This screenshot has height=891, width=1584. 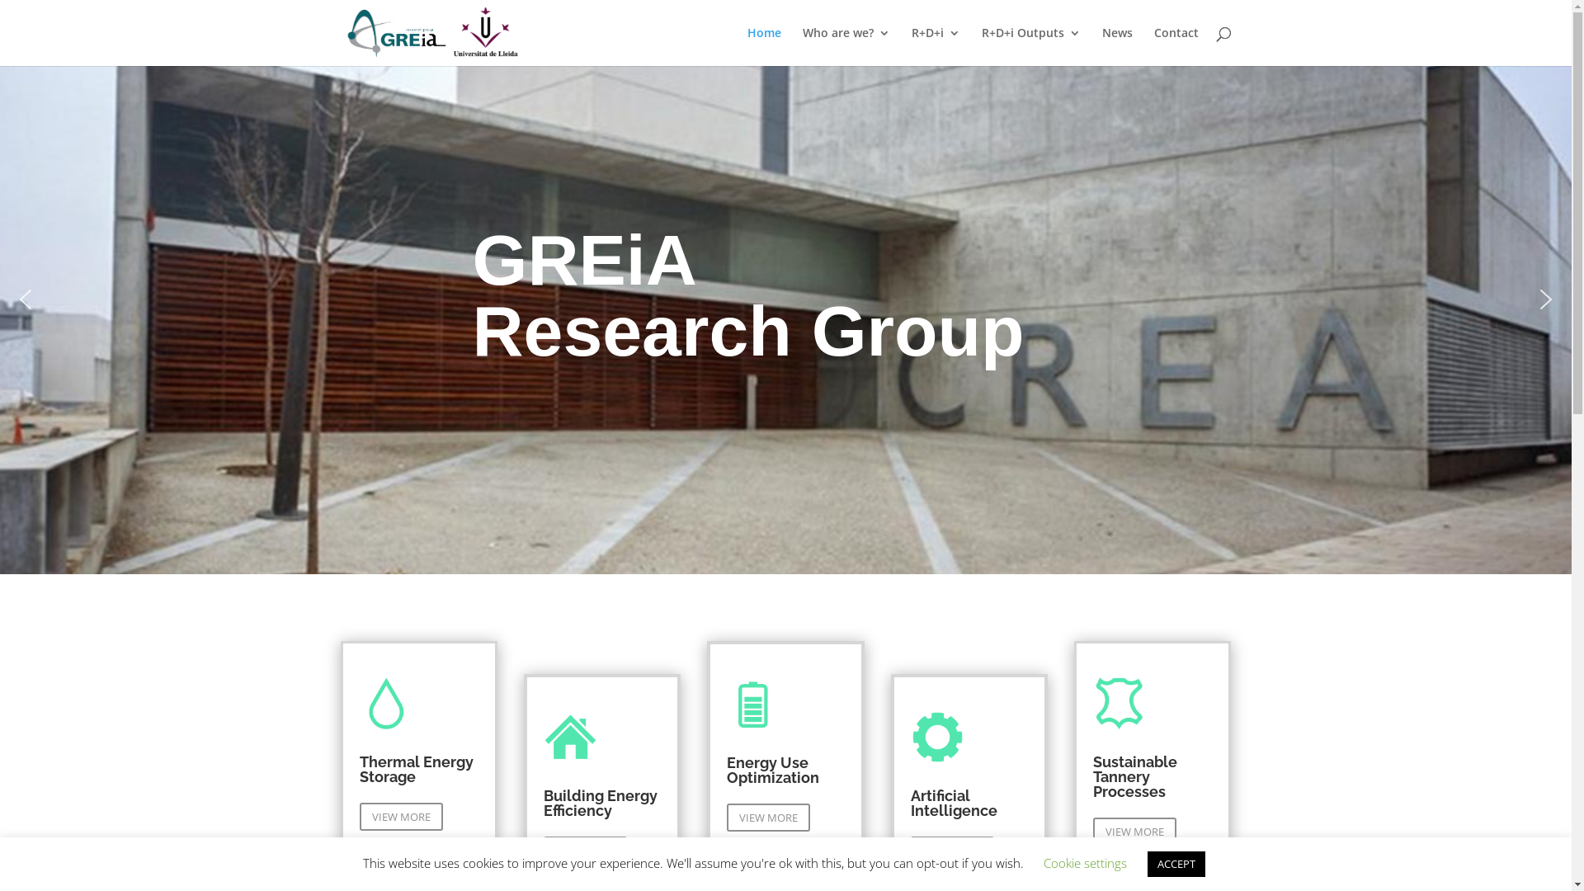 I want to click on 'Cookie settings', so click(x=1084, y=861).